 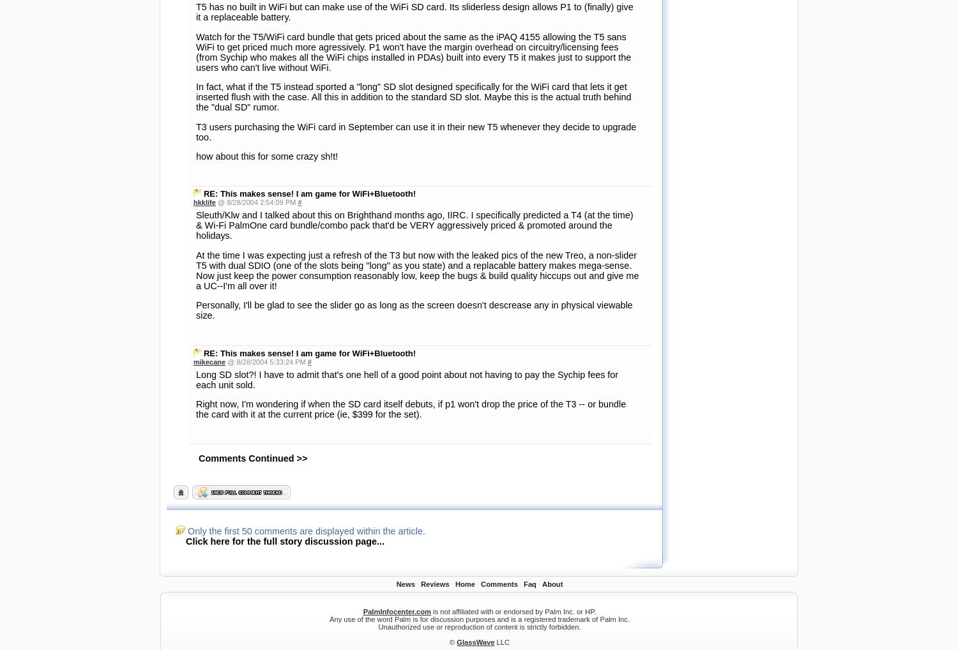 I want to click on 'LLC', so click(x=502, y=283).